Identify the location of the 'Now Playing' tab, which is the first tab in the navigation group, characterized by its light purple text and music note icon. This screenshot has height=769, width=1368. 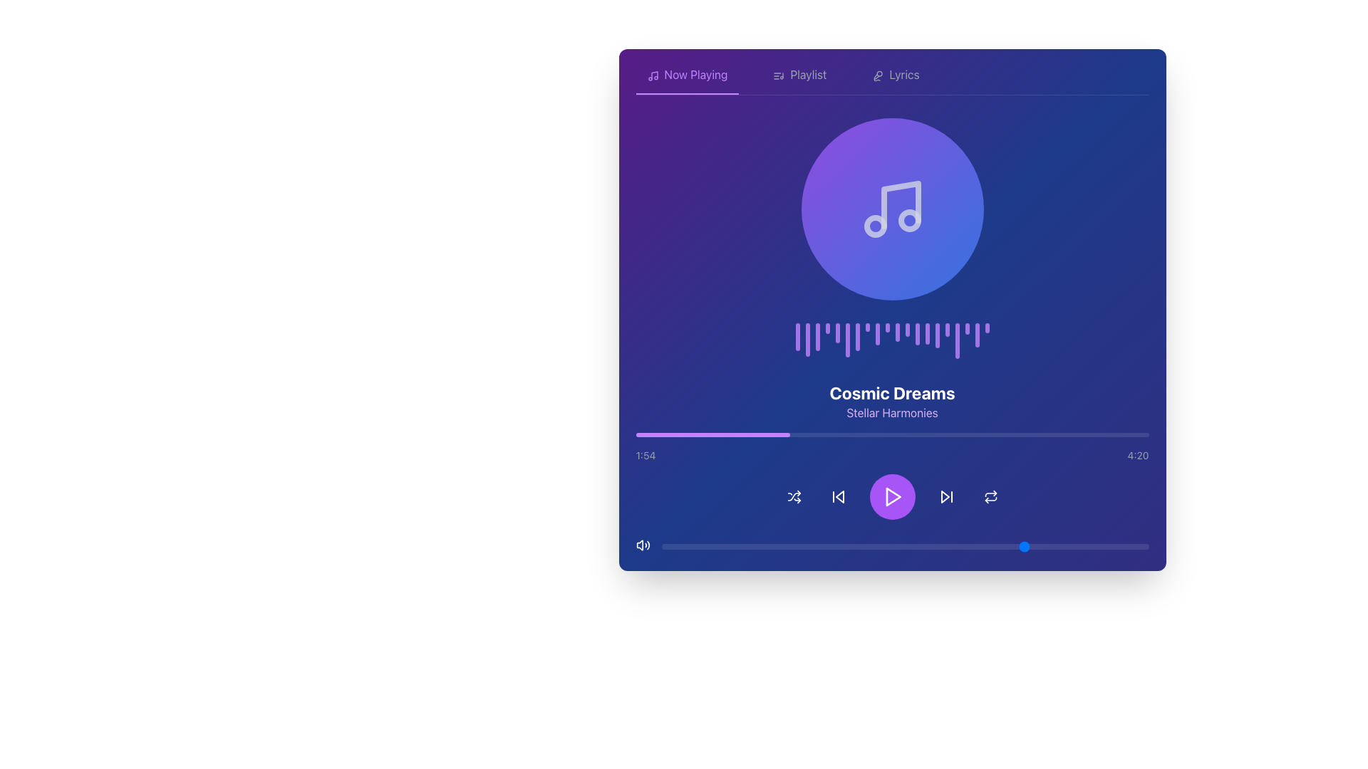
(687, 80).